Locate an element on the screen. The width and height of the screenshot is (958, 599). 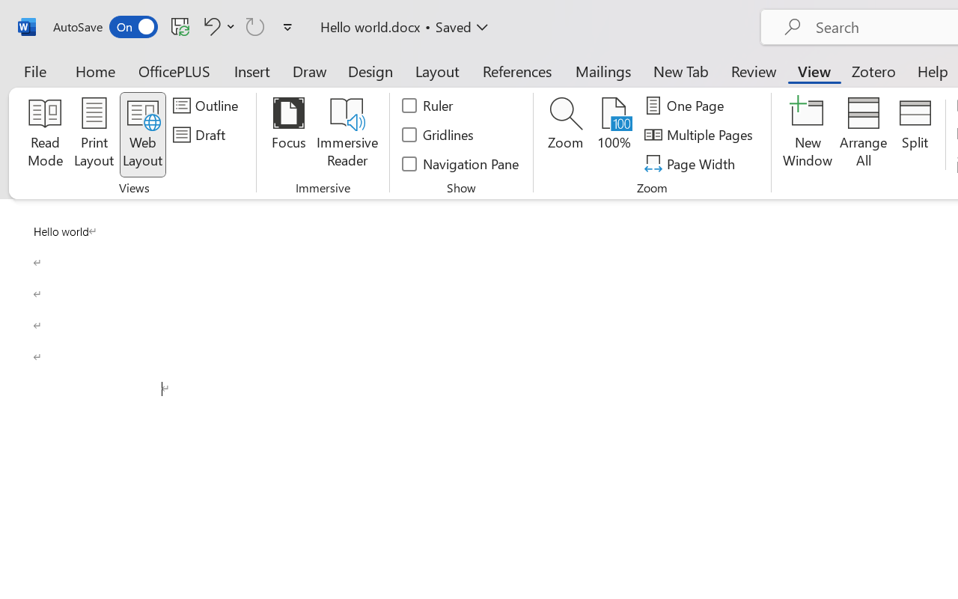
'Split' is located at coordinates (915, 134).